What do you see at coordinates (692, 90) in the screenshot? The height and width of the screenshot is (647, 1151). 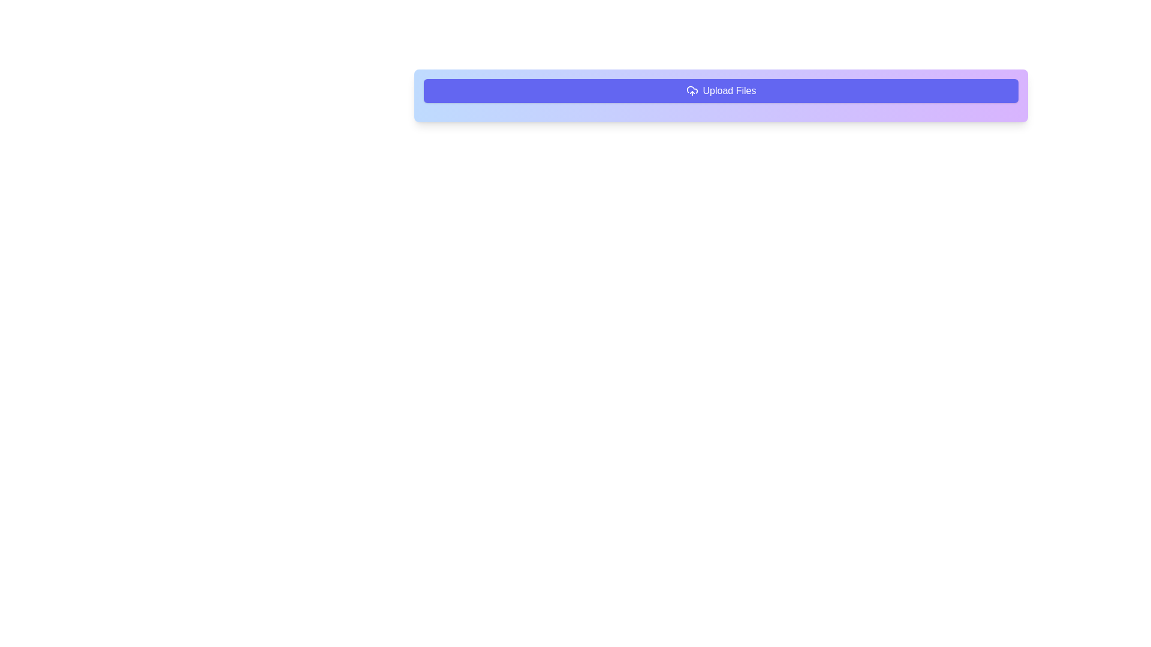 I see `the small cloud icon with an upward arrow located to the left of the 'Upload Files' button` at bounding box center [692, 90].